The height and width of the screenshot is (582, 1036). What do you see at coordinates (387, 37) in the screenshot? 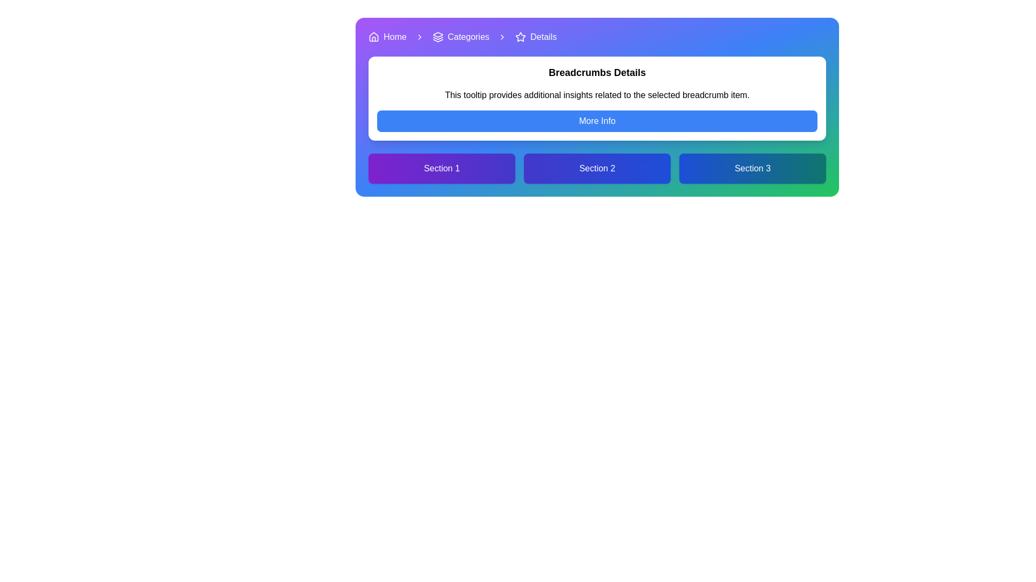
I see `the house icon of the breadcrumb link labeled 'Home'` at bounding box center [387, 37].